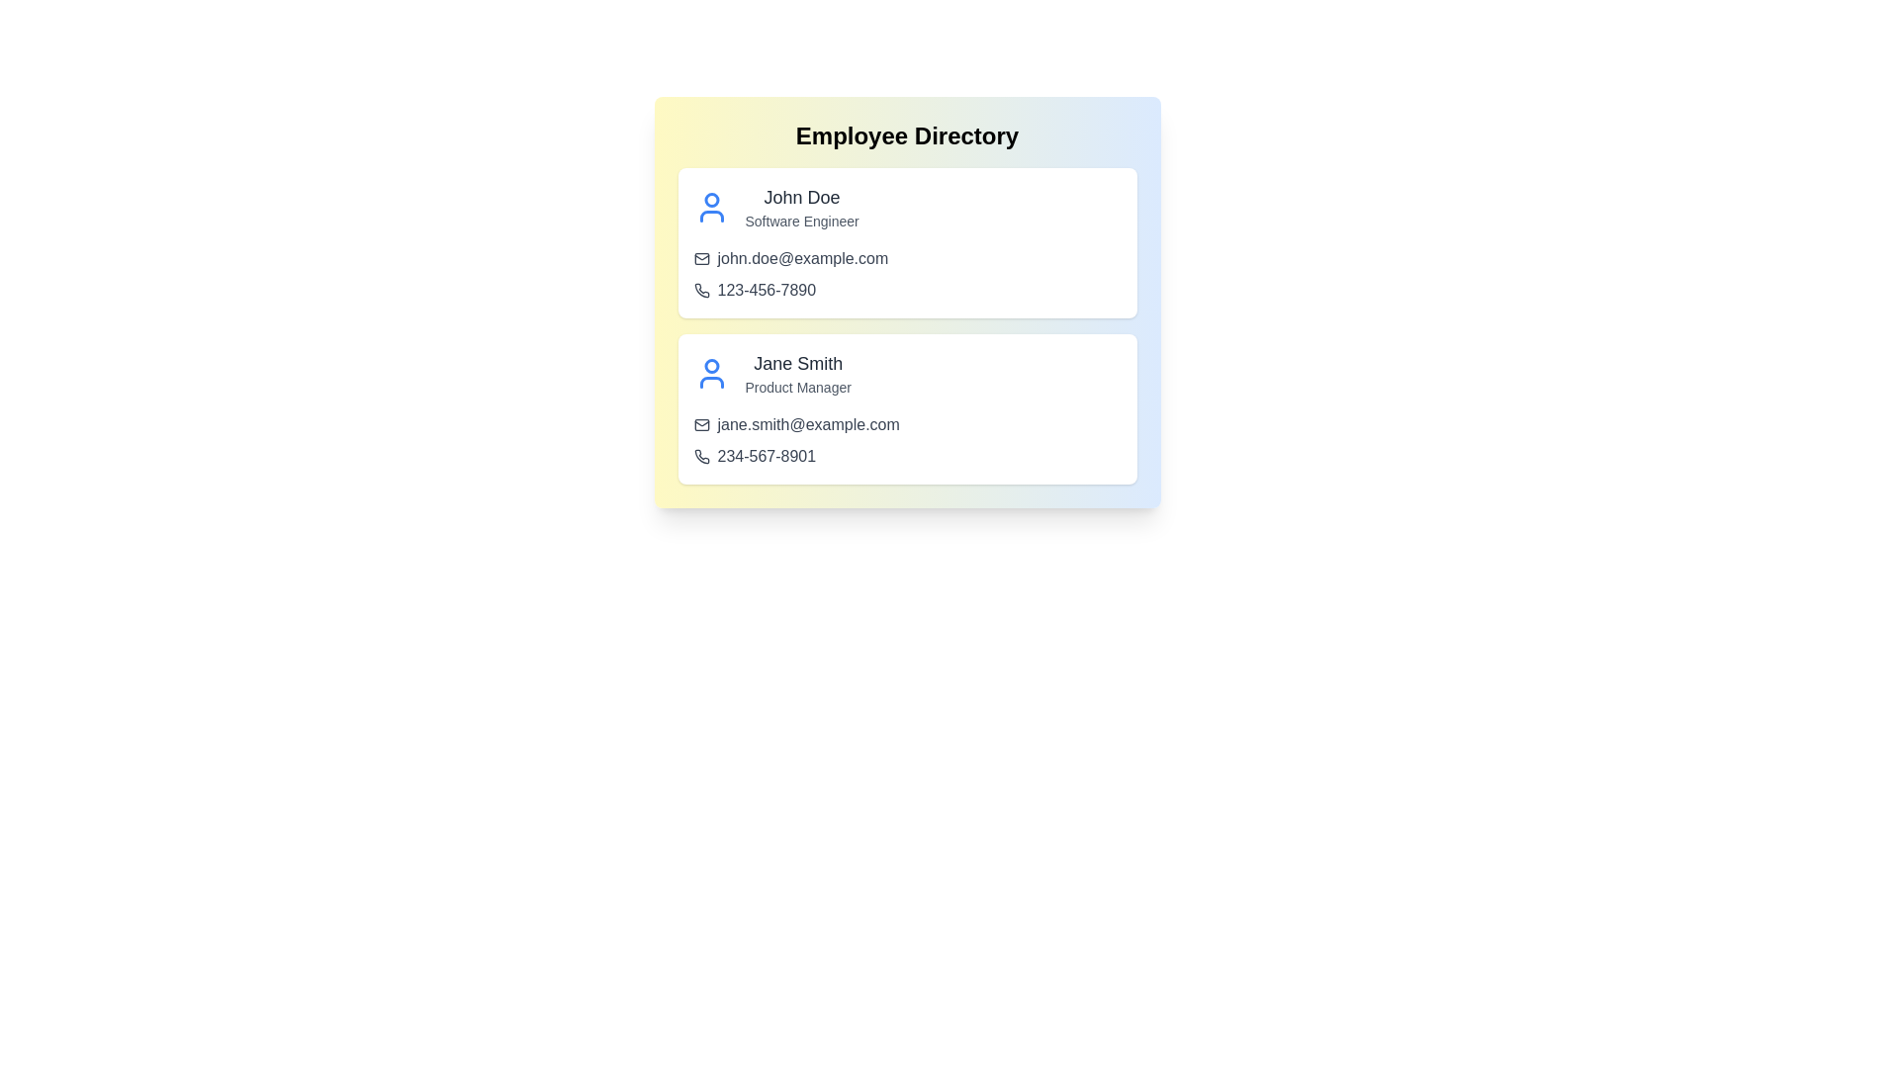  What do you see at coordinates (906, 242) in the screenshot?
I see `the employee card for John Doe` at bounding box center [906, 242].